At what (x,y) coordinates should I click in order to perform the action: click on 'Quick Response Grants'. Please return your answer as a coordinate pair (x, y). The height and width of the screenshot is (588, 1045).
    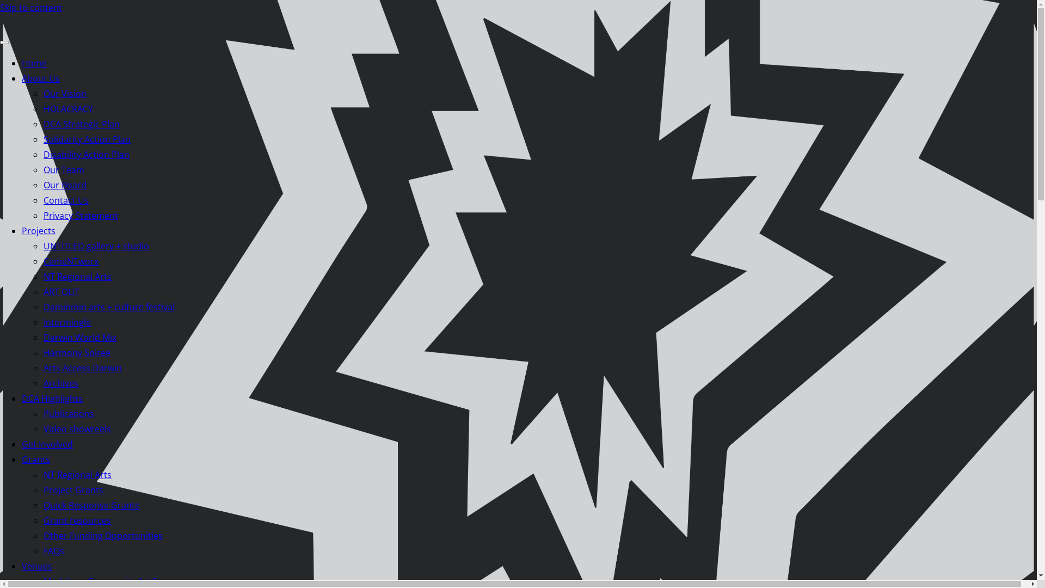
    Looking at the image, I should click on (91, 505).